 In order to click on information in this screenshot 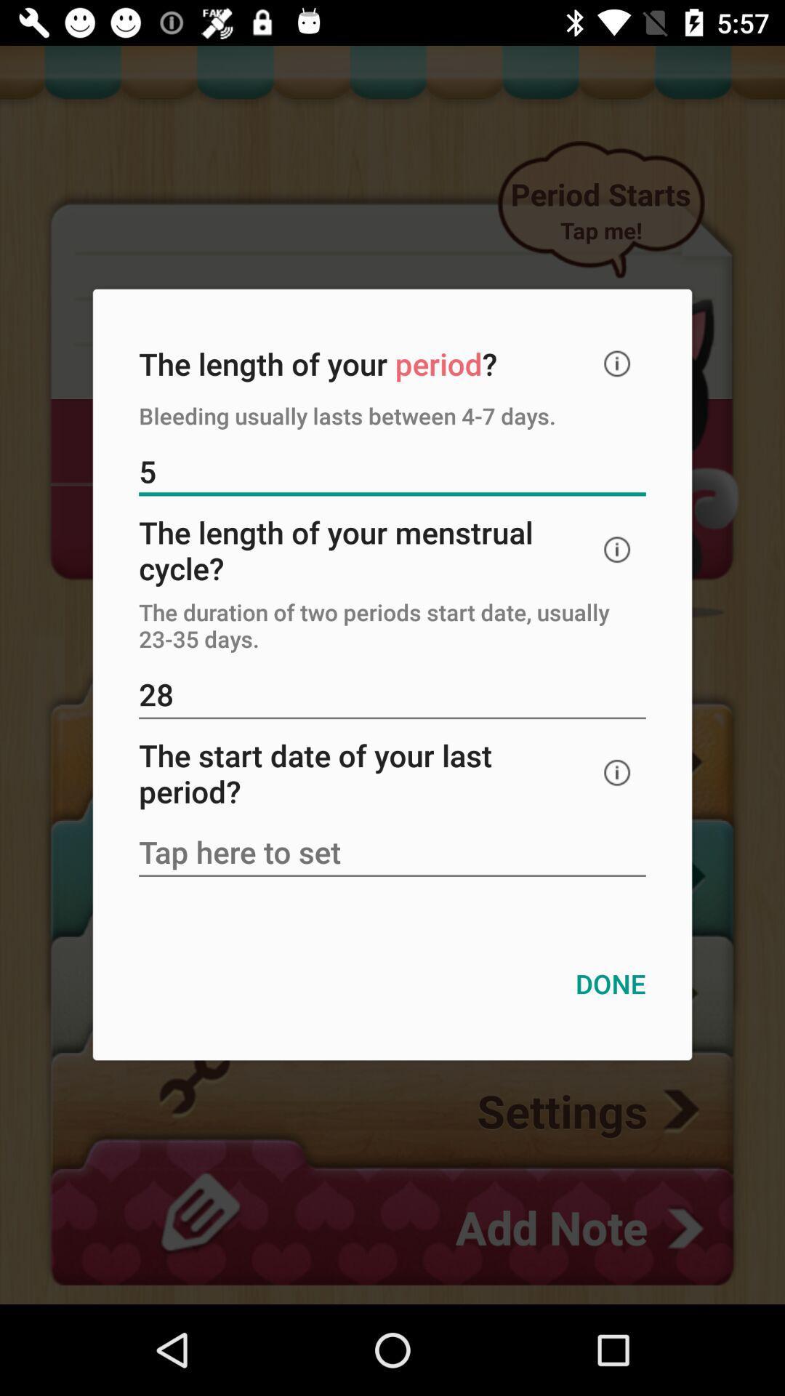, I will do `click(617, 772)`.